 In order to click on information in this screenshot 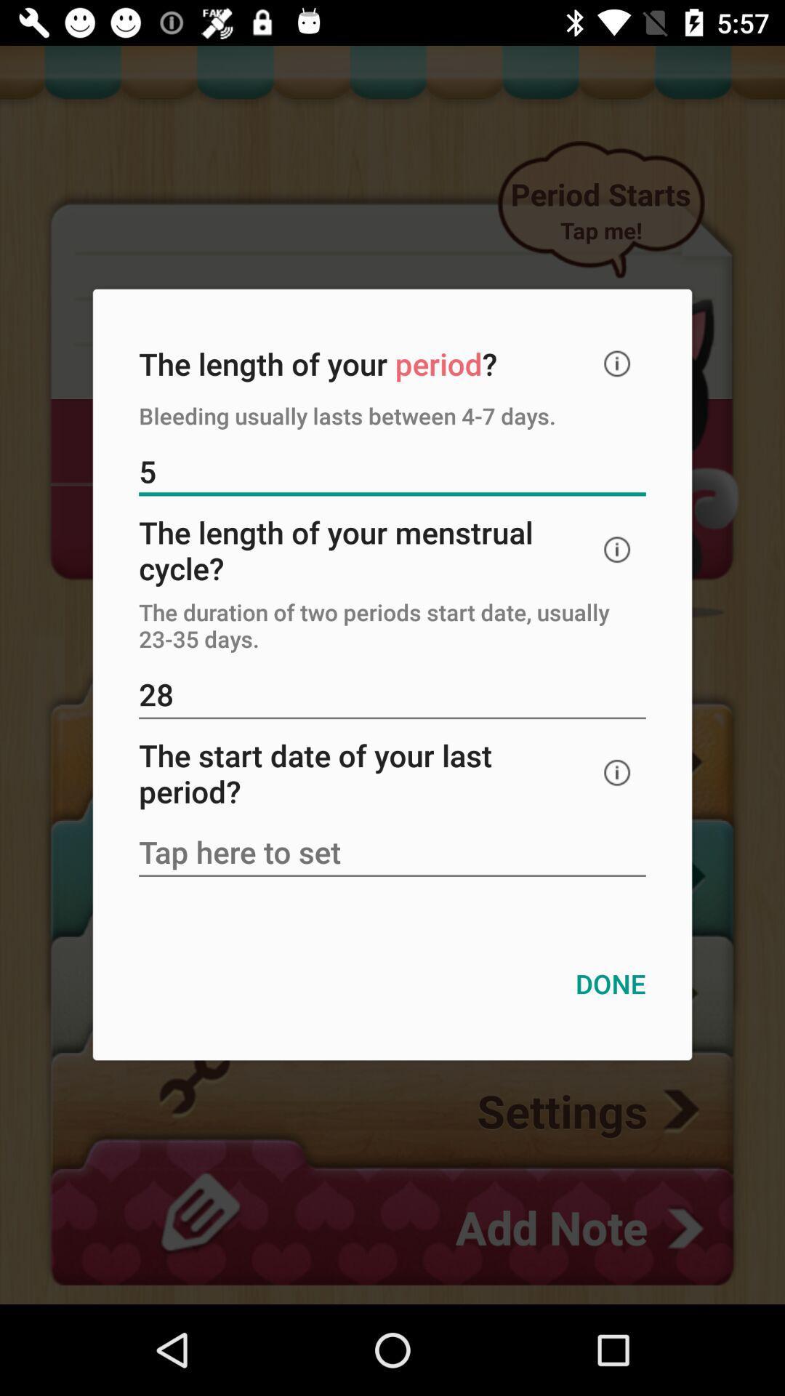, I will do `click(617, 772)`.